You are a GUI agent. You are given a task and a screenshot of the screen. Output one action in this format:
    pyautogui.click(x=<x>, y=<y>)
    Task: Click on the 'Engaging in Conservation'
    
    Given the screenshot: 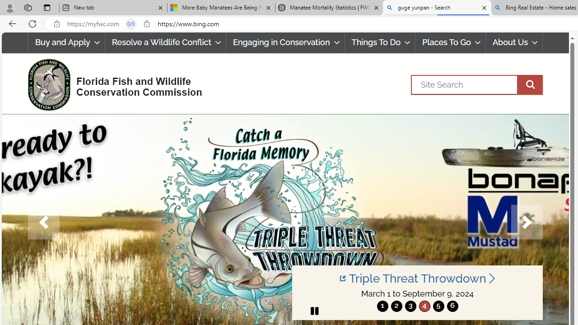 What is the action you would take?
    pyautogui.click(x=284, y=42)
    